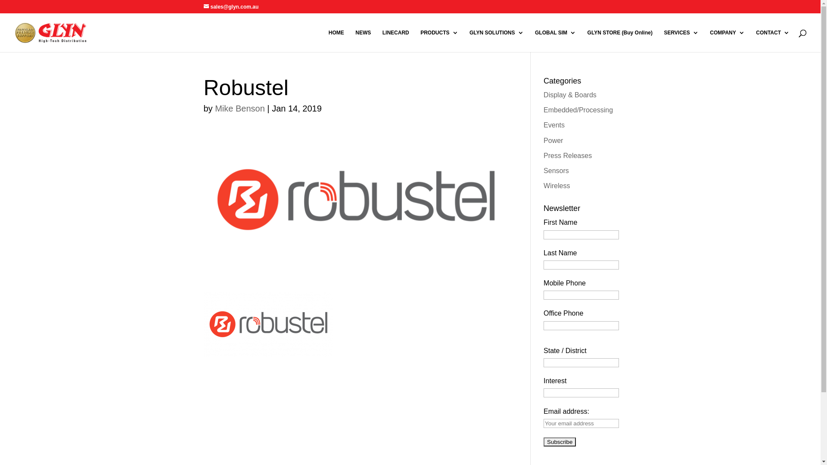 This screenshot has height=465, width=827. What do you see at coordinates (568, 155) in the screenshot?
I see `'Press Releases'` at bounding box center [568, 155].